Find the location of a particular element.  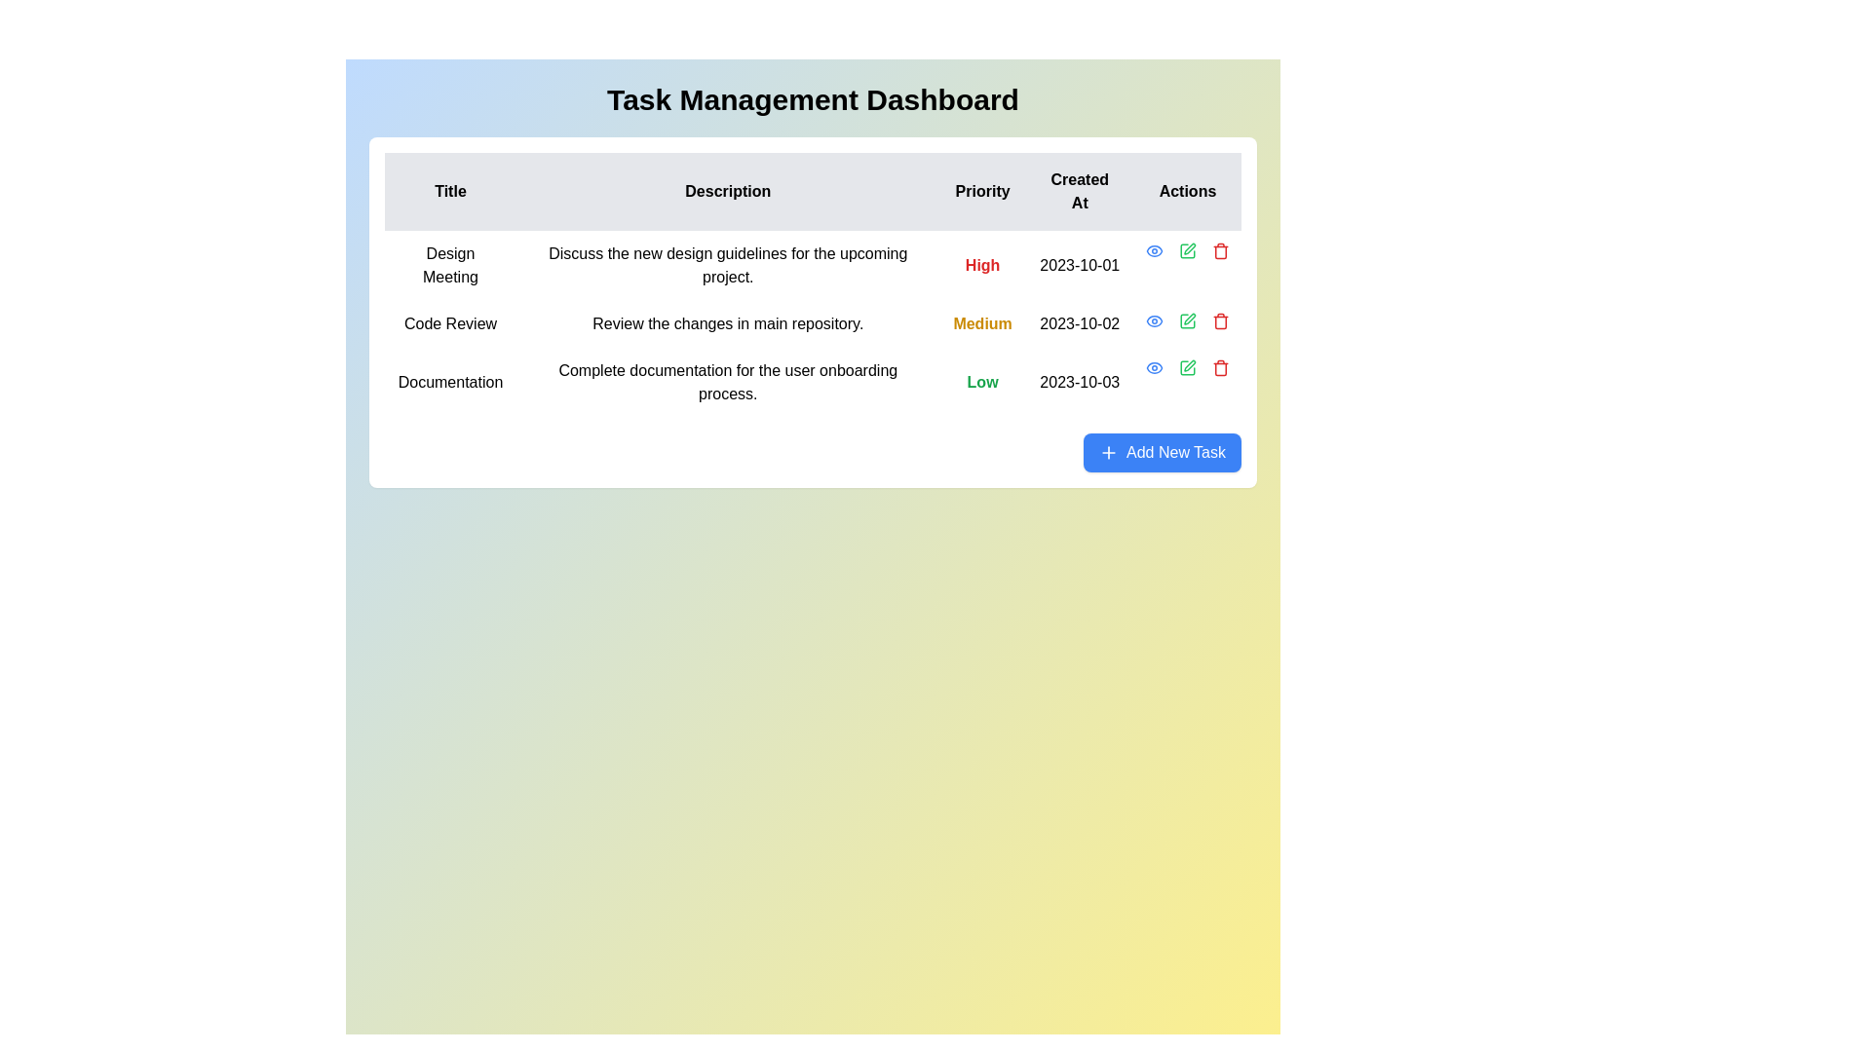

displayed date '2023-10-02' from the text label located in the 'Created At' column of the table for the task 'Code Review' is located at coordinates (1079, 322).